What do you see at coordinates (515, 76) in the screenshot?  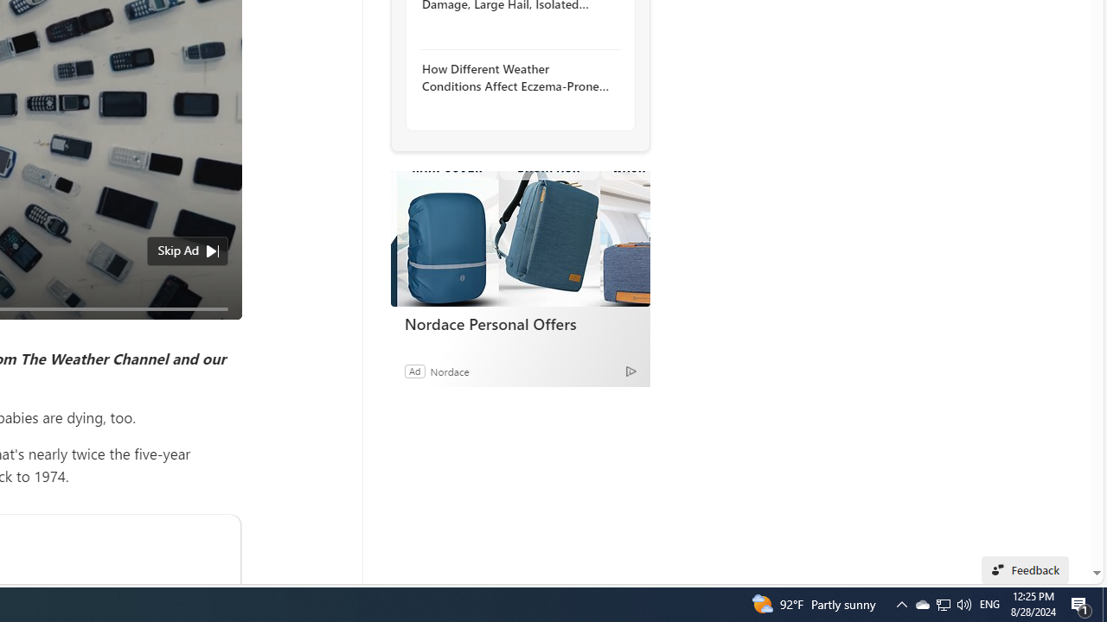 I see `'How Different Weather Conditions Affect Eczema-Prone Skin'` at bounding box center [515, 76].